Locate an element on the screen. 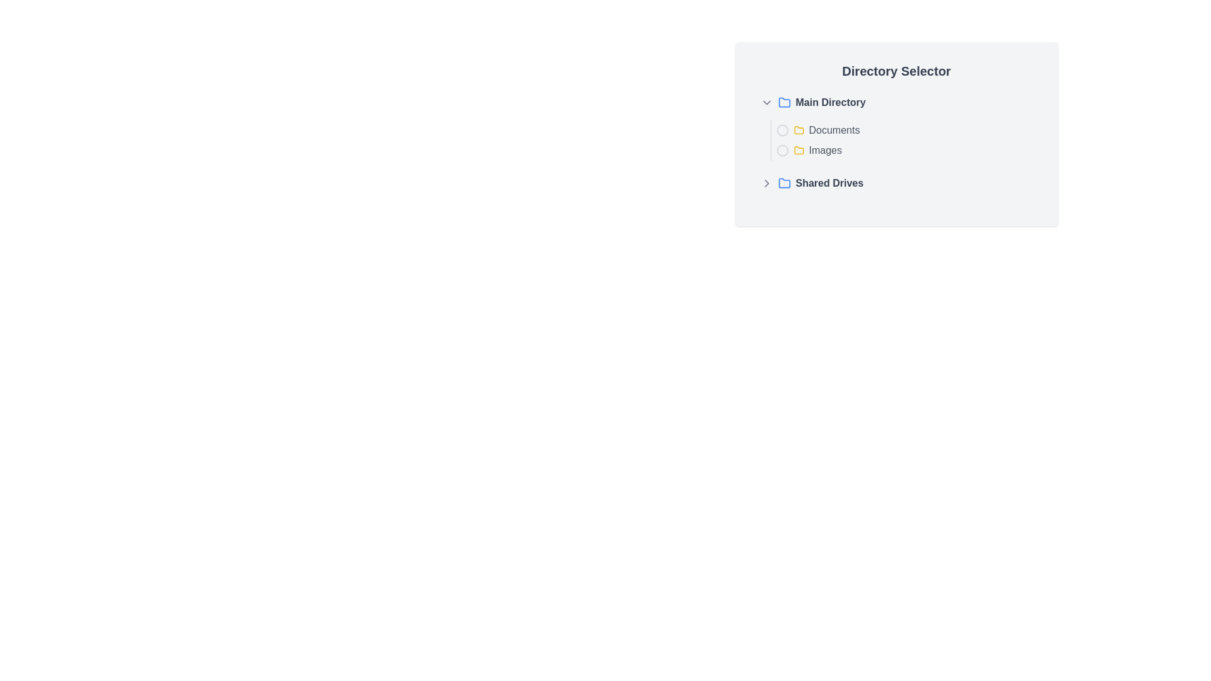  the 'Shared Drives' directory entry located at the bottom of the list under 'Main Directory' is located at coordinates (896, 183).